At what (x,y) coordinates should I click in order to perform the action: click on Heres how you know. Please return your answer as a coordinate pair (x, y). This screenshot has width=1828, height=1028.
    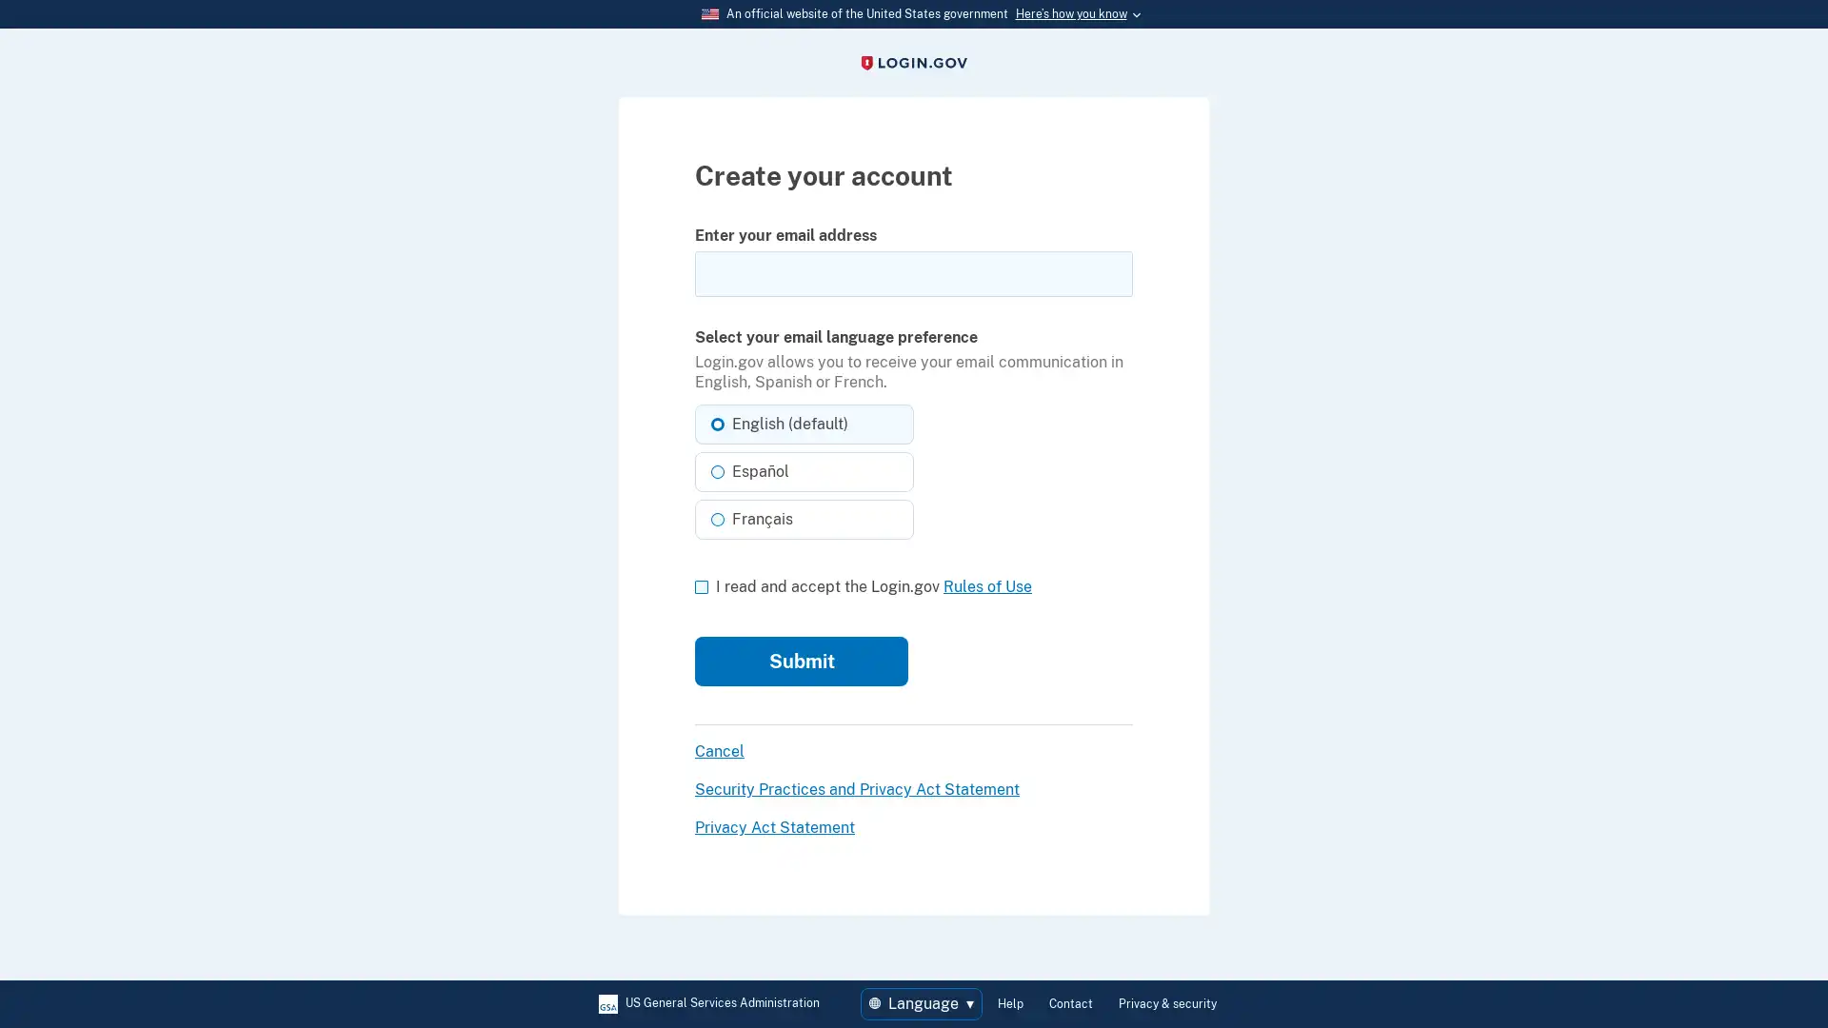
    Looking at the image, I should click on (1070, 14).